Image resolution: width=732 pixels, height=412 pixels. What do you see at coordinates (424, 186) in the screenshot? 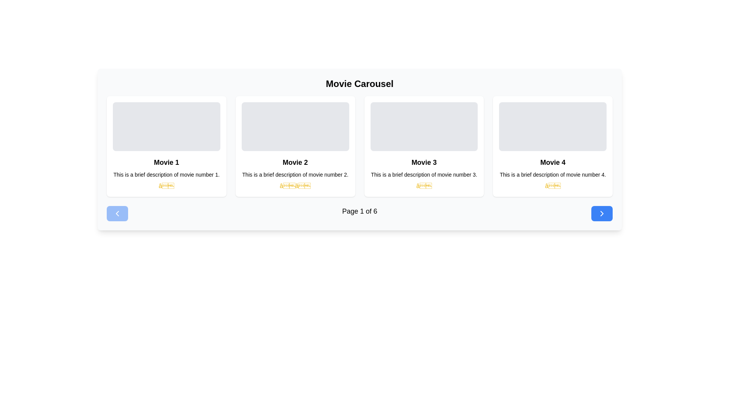
I see `the visual marker icon indicating a rating for the 'Movie 3' section, located centrally beneath the descriptive text` at bounding box center [424, 186].